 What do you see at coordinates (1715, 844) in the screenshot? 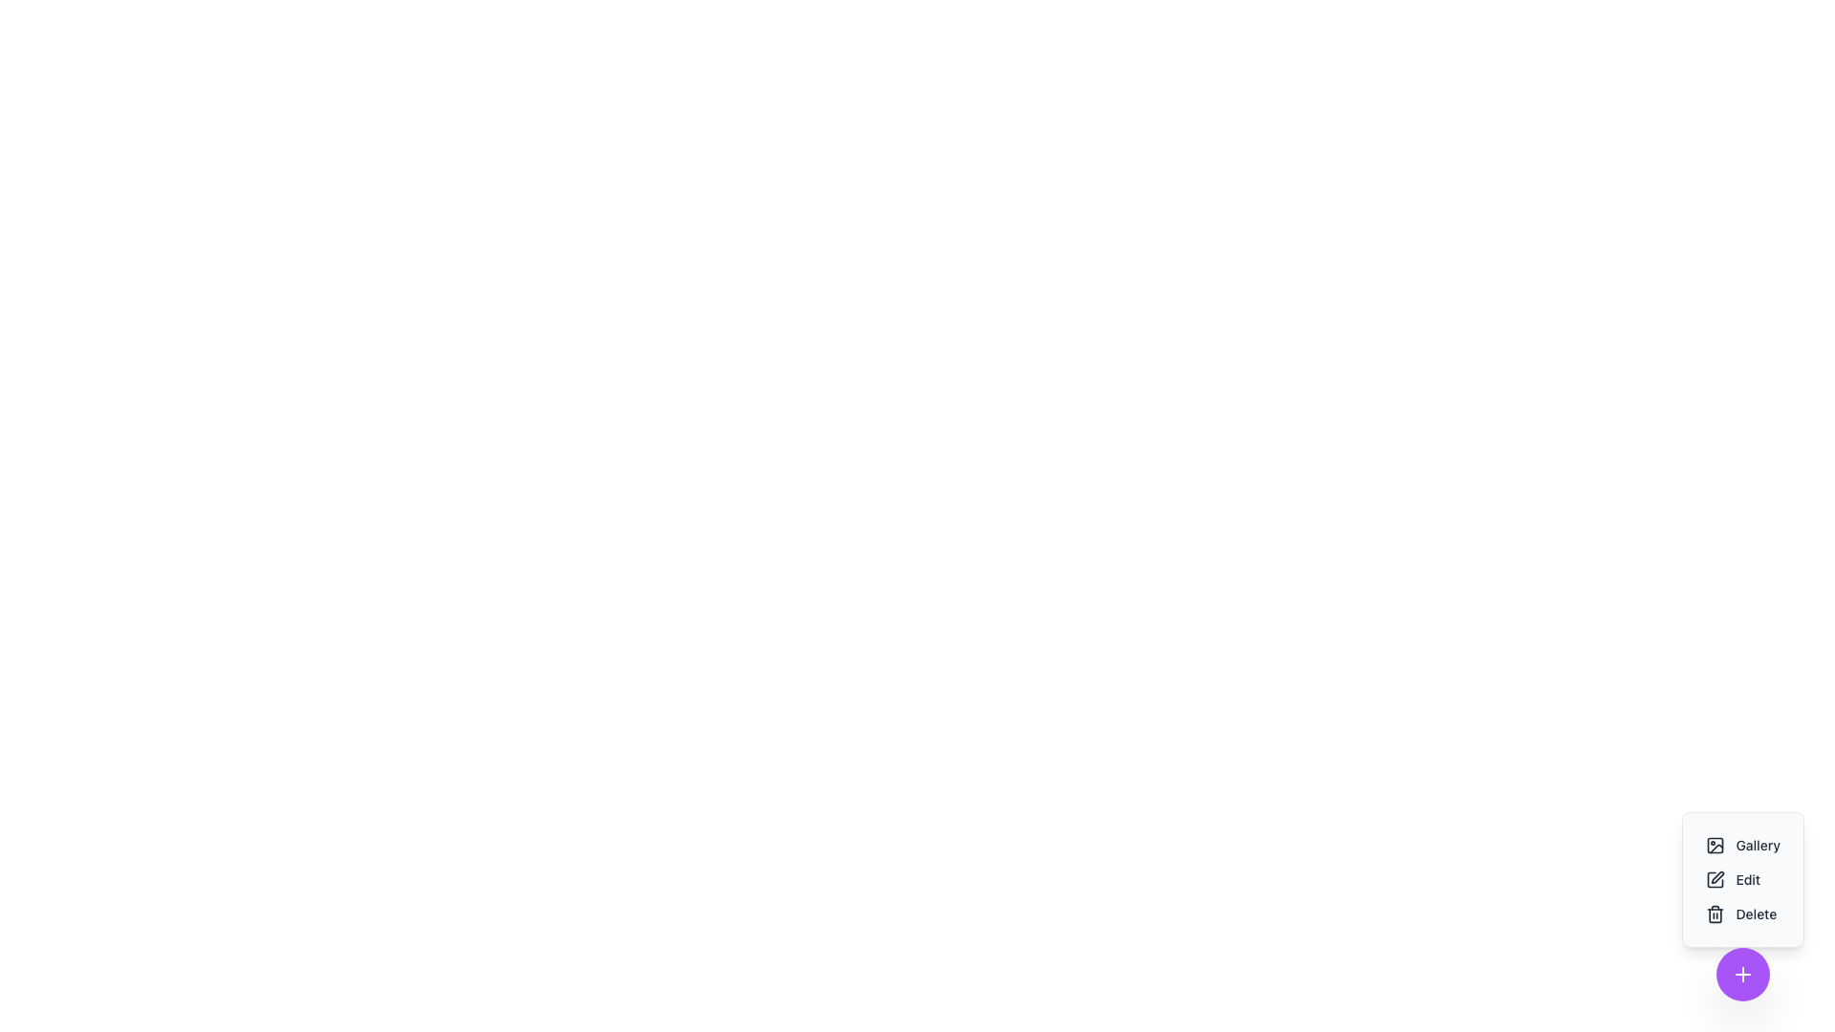
I see `the gallery icon, which has a square outline with rounded edges and a circular object inside, located in the topmost position of the vertical menu labeled 'Gallery'` at bounding box center [1715, 844].